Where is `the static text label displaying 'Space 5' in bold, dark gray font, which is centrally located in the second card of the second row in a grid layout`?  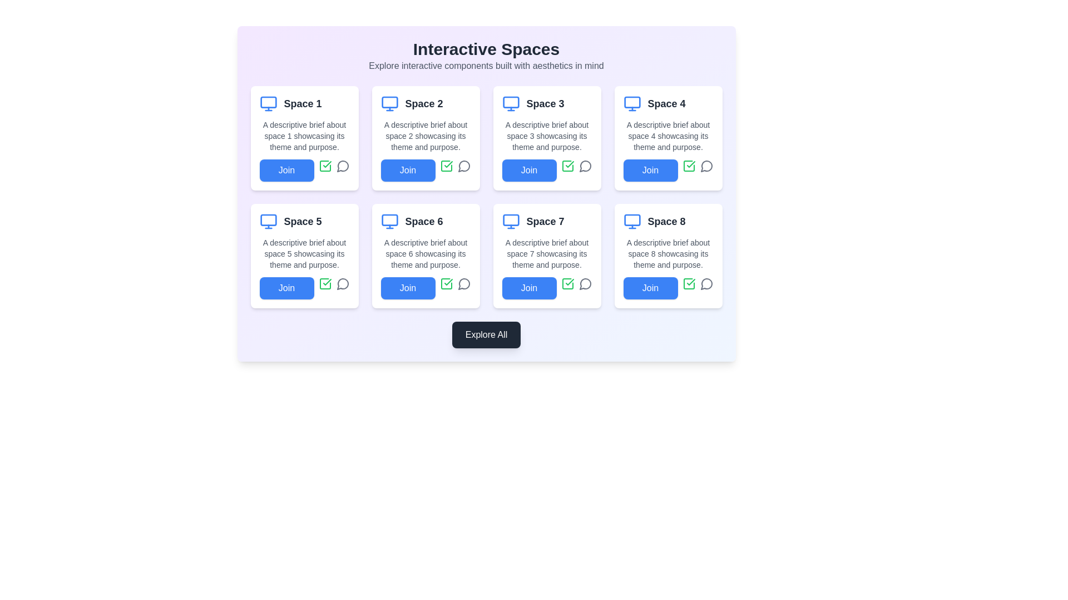 the static text label displaying 'Space 5' in bold, dark gray font, which is centrally located in the second card of the second row in a grid layout is located at coordinates (303, 221).